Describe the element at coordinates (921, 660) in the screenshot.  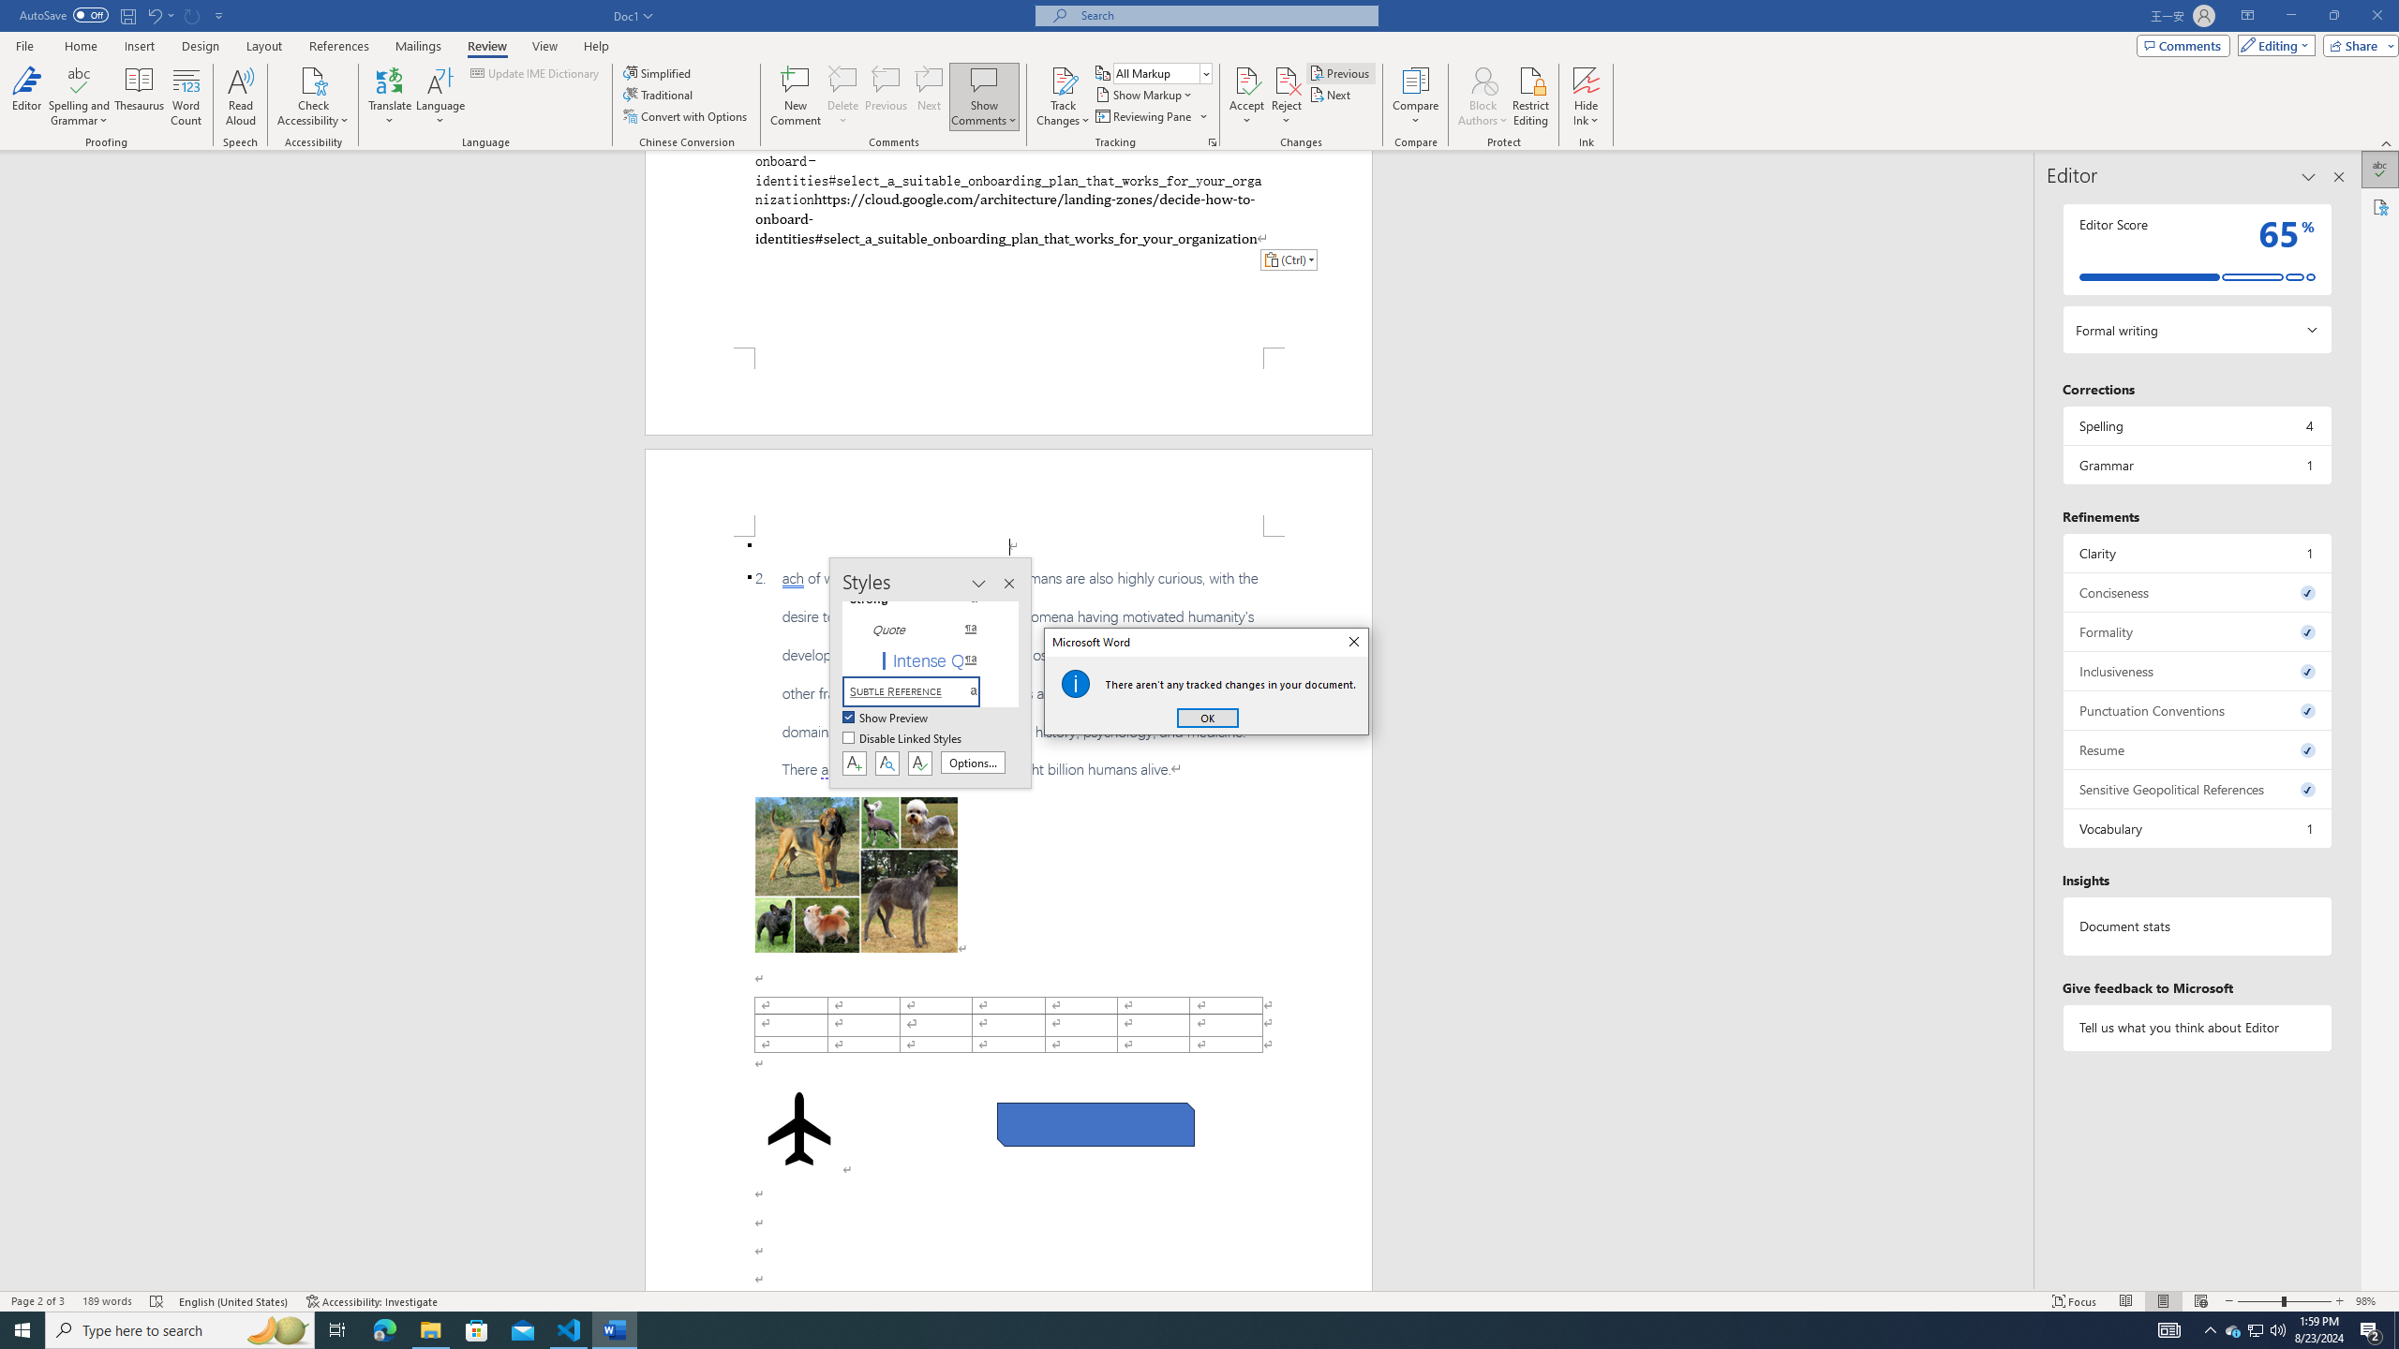
I see `'Intense Quote'` at that location.